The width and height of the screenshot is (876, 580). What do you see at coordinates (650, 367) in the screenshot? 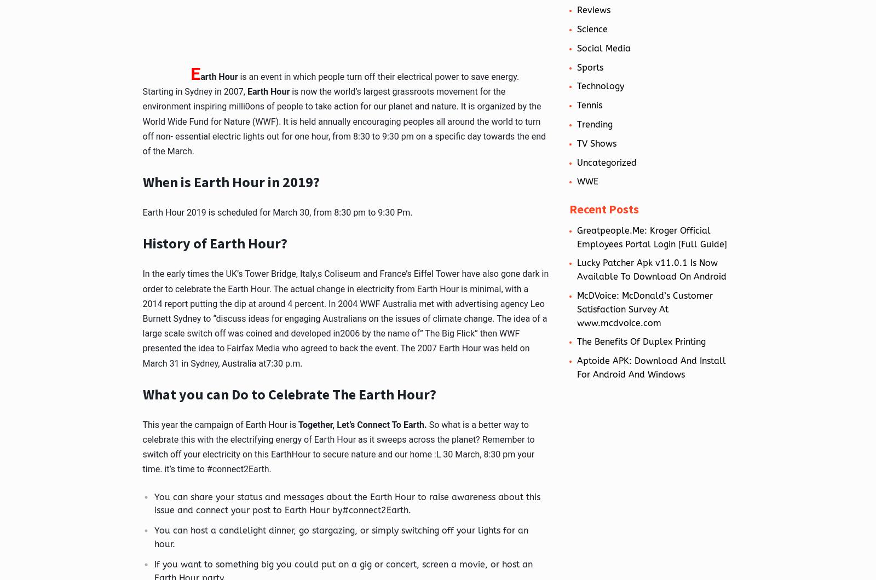
I see `'Aptoide APK: Download And Install For Android And Windows'` at bounding box center [650, 367].